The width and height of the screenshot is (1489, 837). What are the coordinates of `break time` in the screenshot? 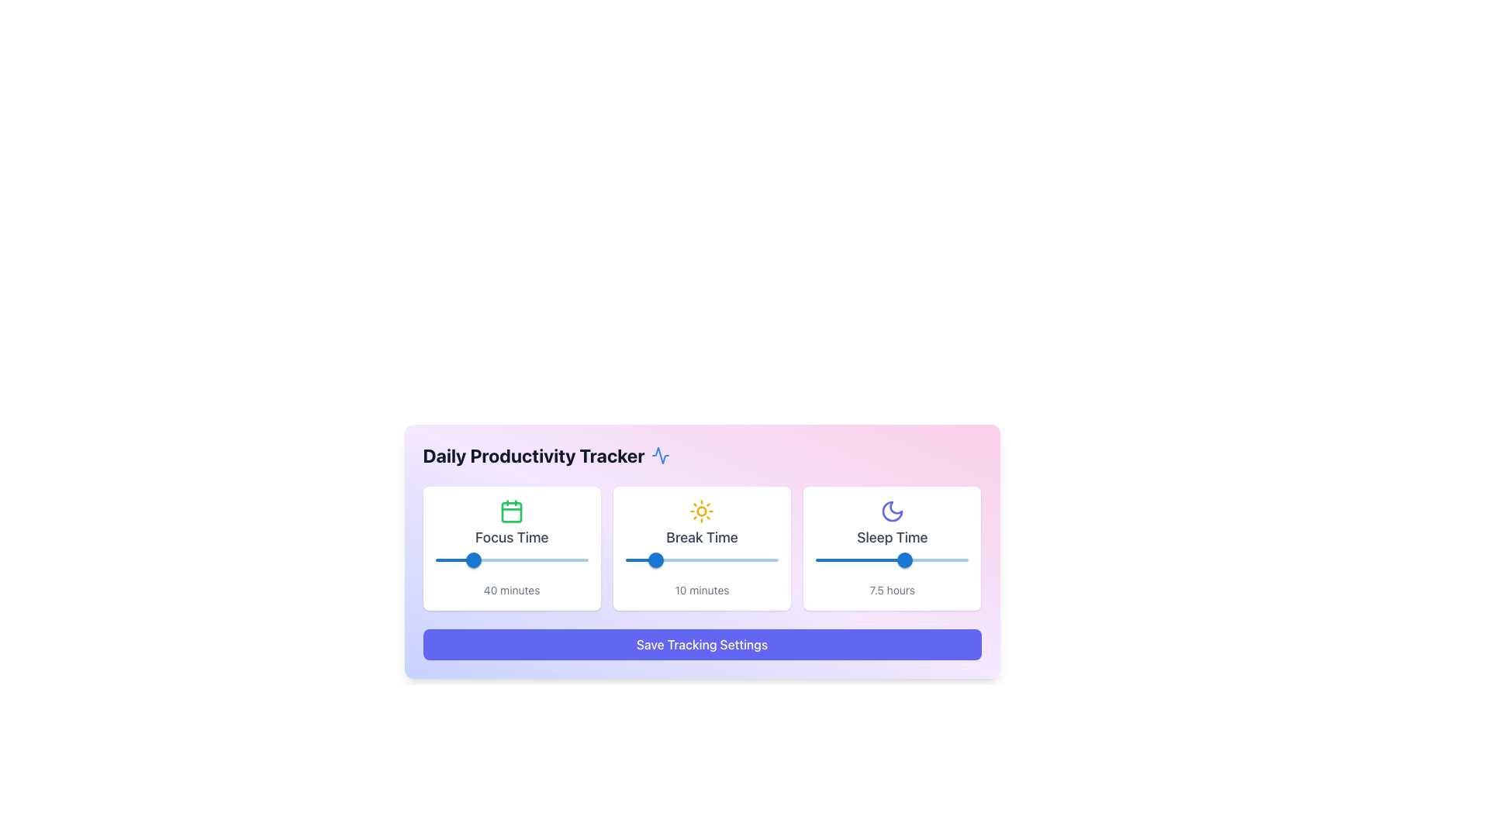 It's located at (655, 560).